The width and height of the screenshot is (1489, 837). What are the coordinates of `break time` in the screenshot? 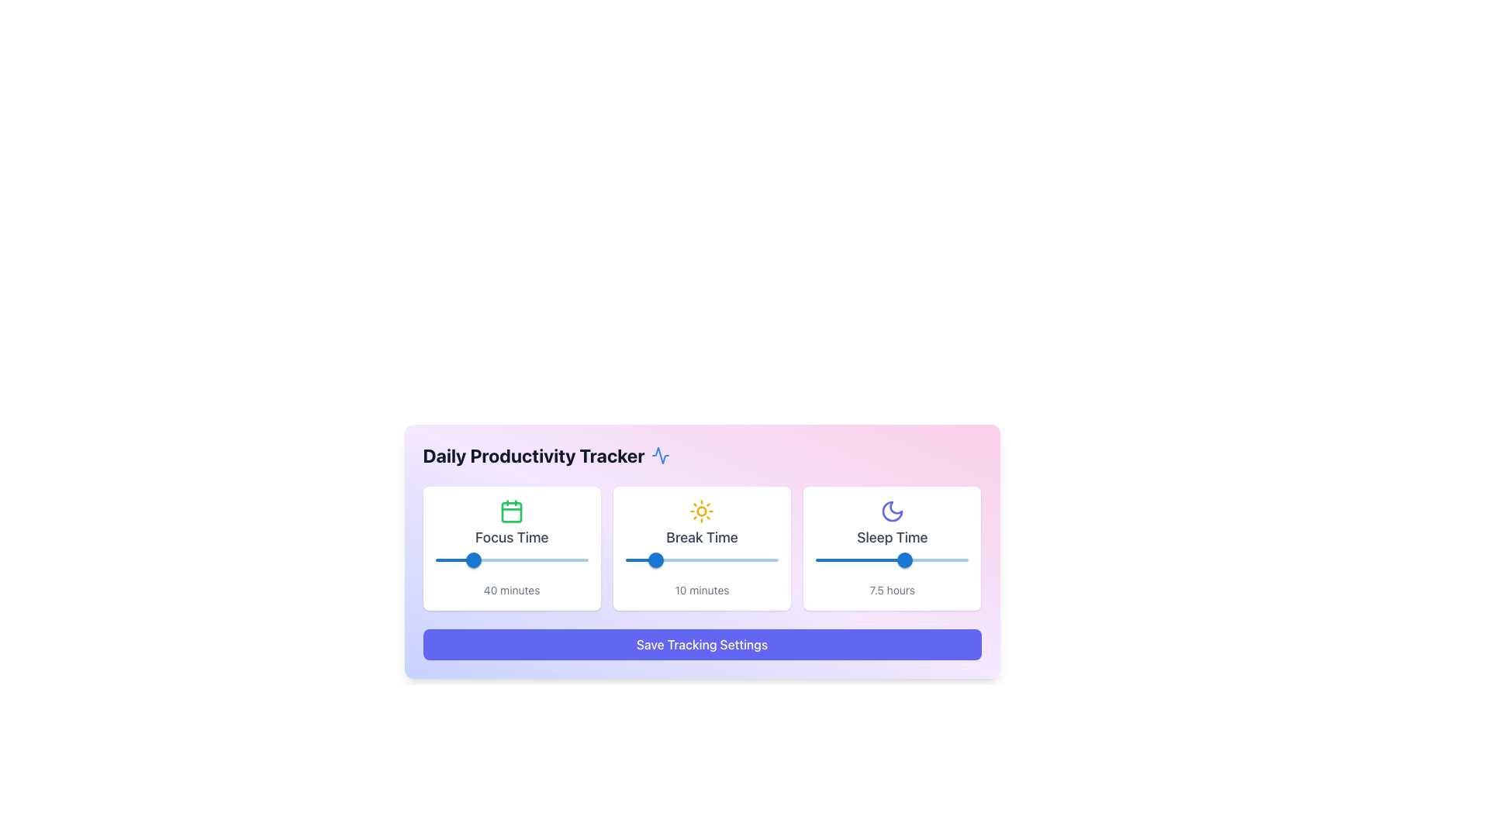 It's located at (655, 560).